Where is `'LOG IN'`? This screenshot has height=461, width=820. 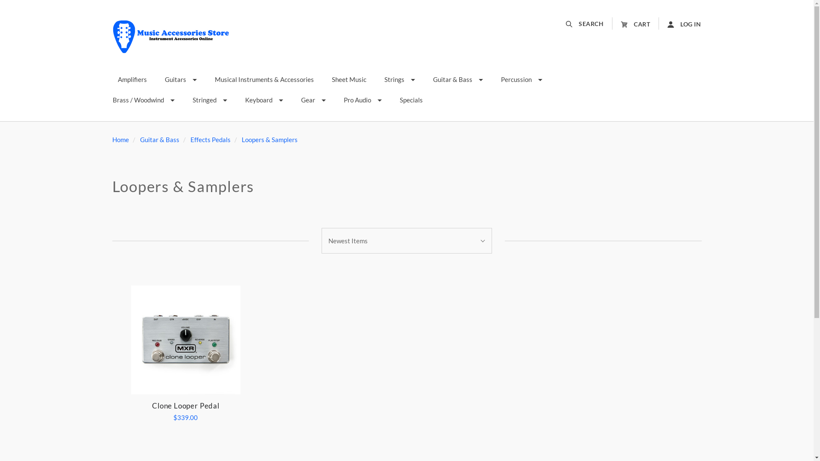 'LOG IN' is located at coordinates (679, 23).